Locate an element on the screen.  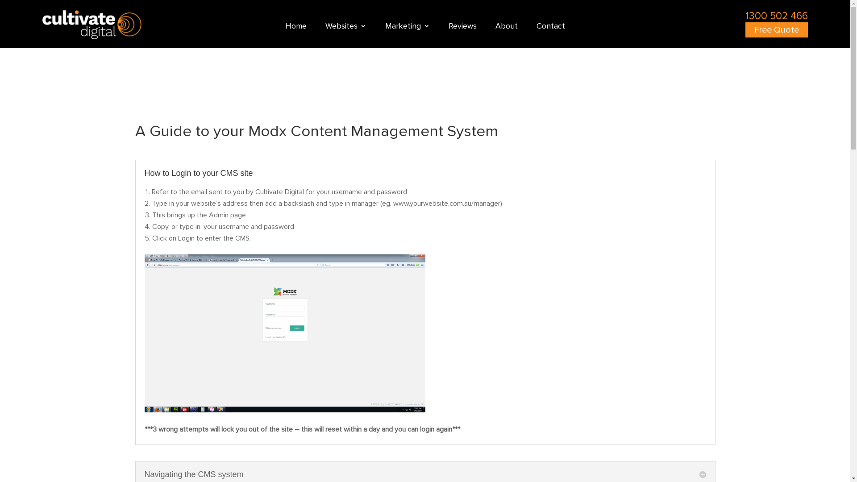
'Reviews' is located at coordinates (462, 27).